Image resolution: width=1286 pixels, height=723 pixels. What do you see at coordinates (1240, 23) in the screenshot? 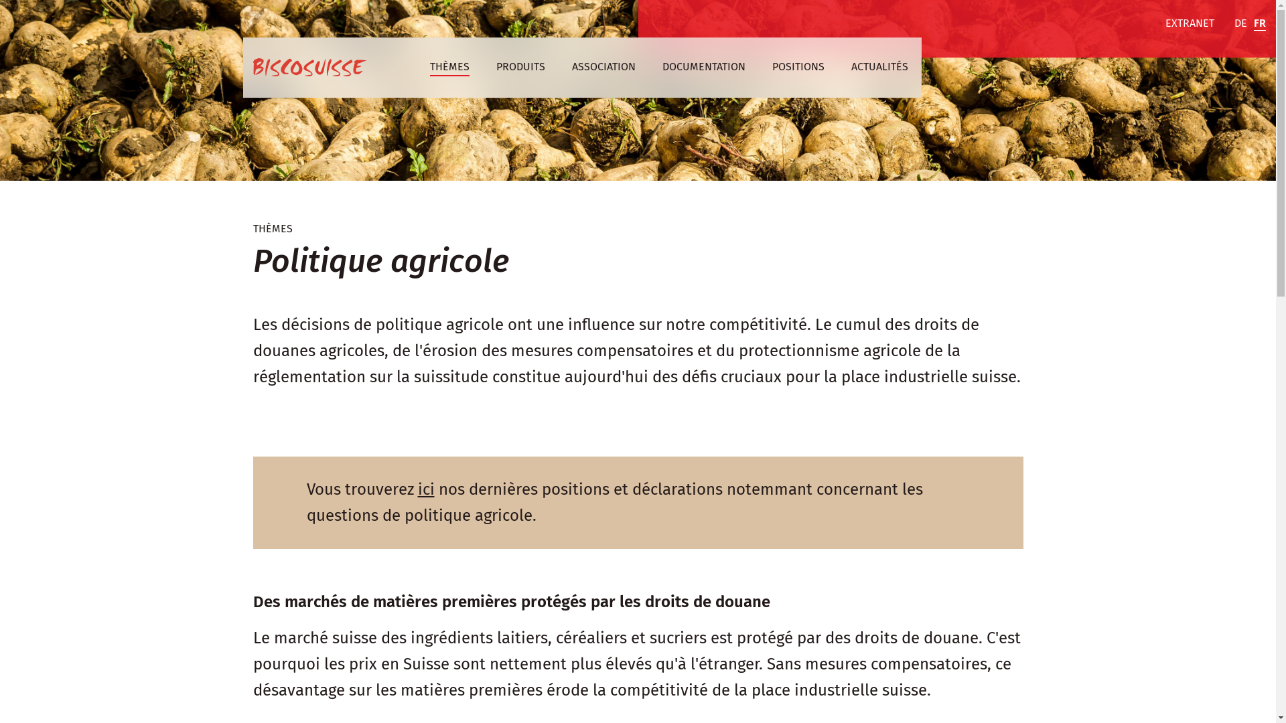
I see `'DE'` at bounding box center [1240, 23].